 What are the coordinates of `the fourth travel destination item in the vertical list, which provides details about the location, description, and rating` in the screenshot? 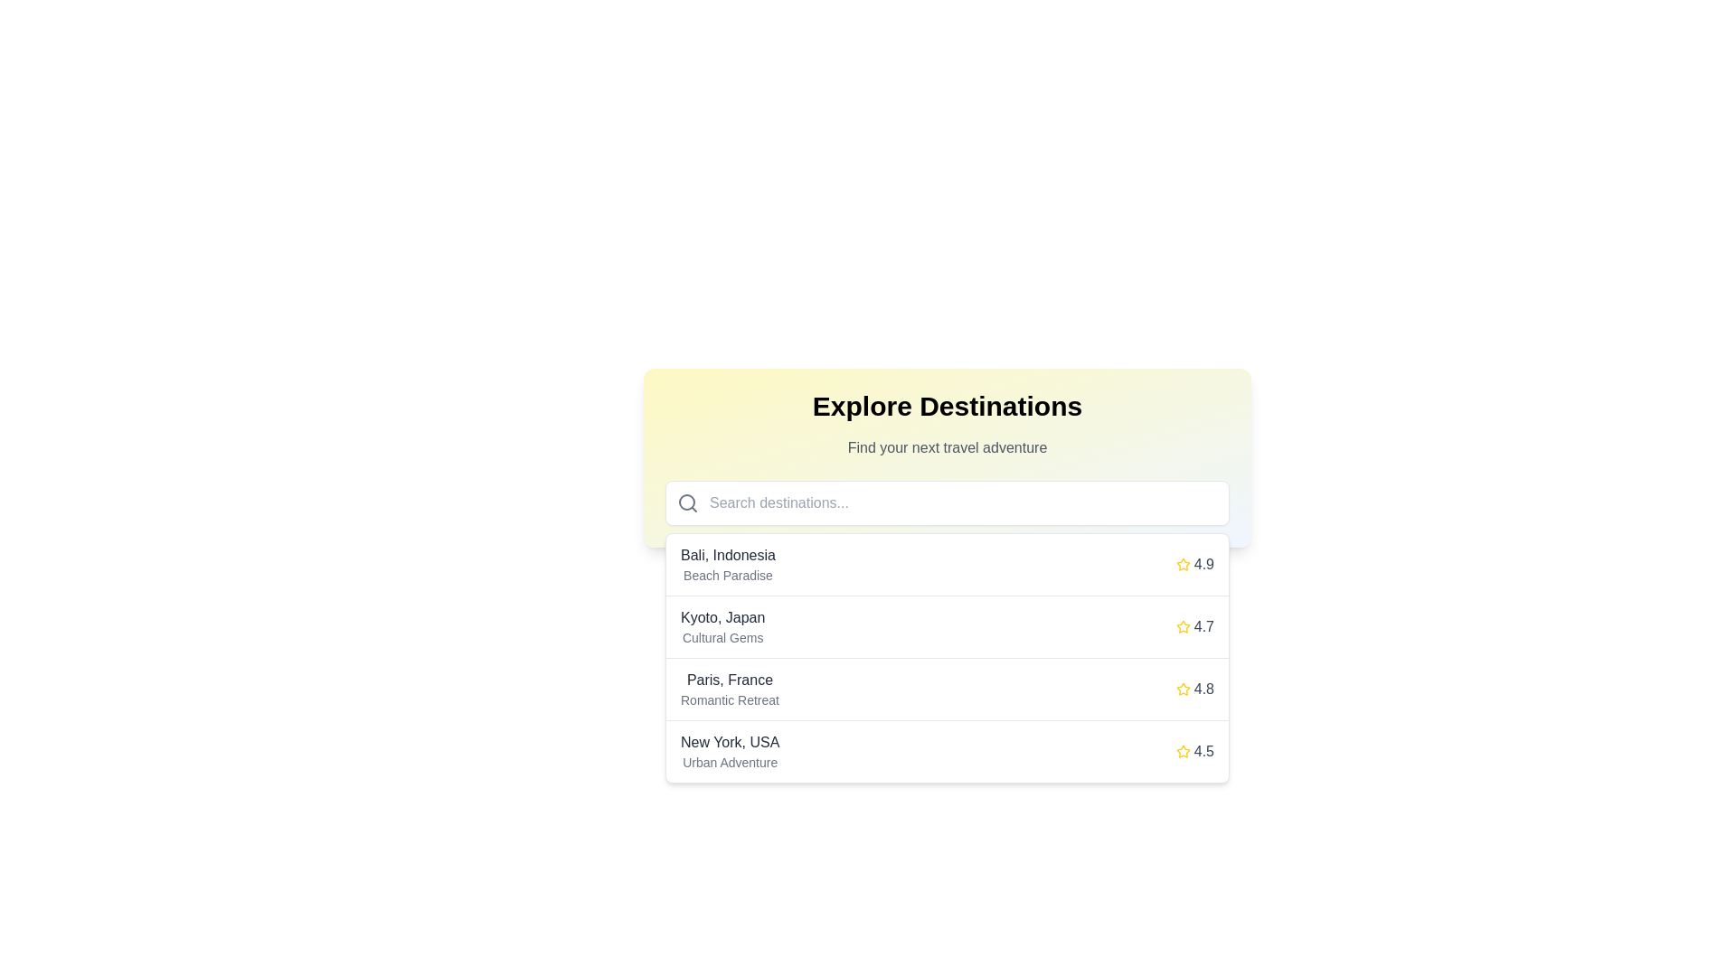 It's located at (946, 752).